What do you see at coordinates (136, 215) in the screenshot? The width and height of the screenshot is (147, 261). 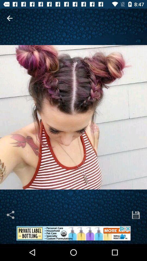 I see `save` at bounding box center [136, 215].